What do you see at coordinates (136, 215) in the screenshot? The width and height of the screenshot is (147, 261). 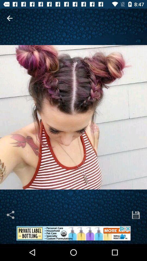 I see `save` at bounding box center [136, 215].